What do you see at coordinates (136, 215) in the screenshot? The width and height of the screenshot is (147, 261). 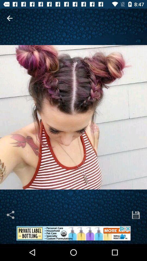 I see `save` at bounding box center [136, 215].